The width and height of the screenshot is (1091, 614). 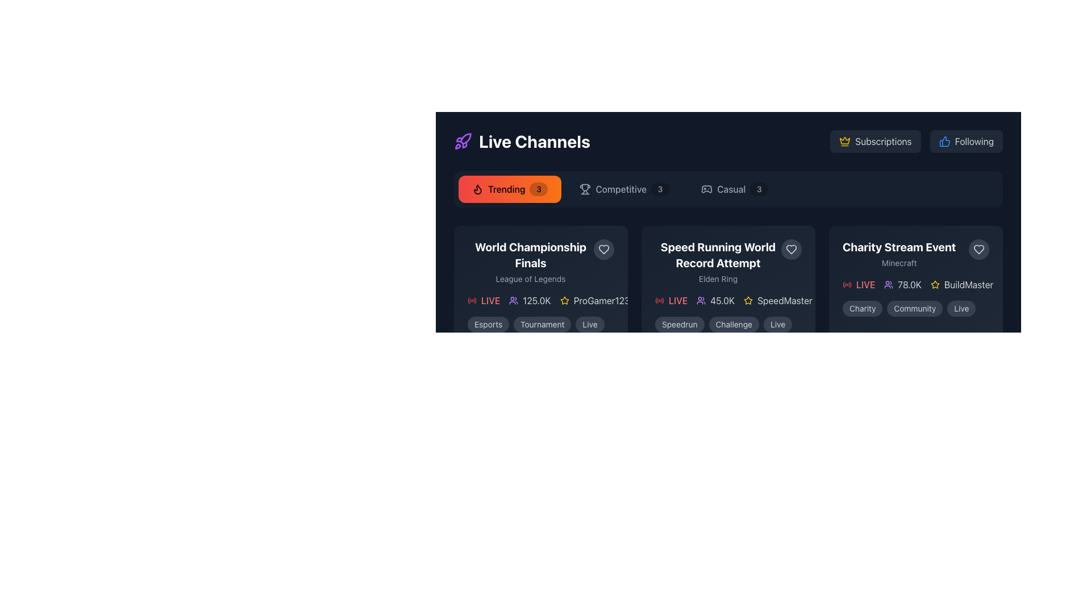 What do you see at coordinates (542, 324) in the screenshot?
I see `text of the pill-shaped label displaying 'Tournament', which is located in the bottom-left section of a card layout, between the 'Esports' and 'Live' tags` at bounding box center [542, 324].